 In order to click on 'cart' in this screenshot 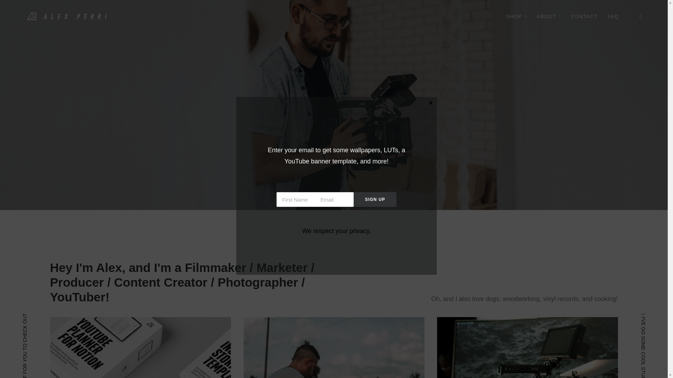, I will do `click(636, 16)`.